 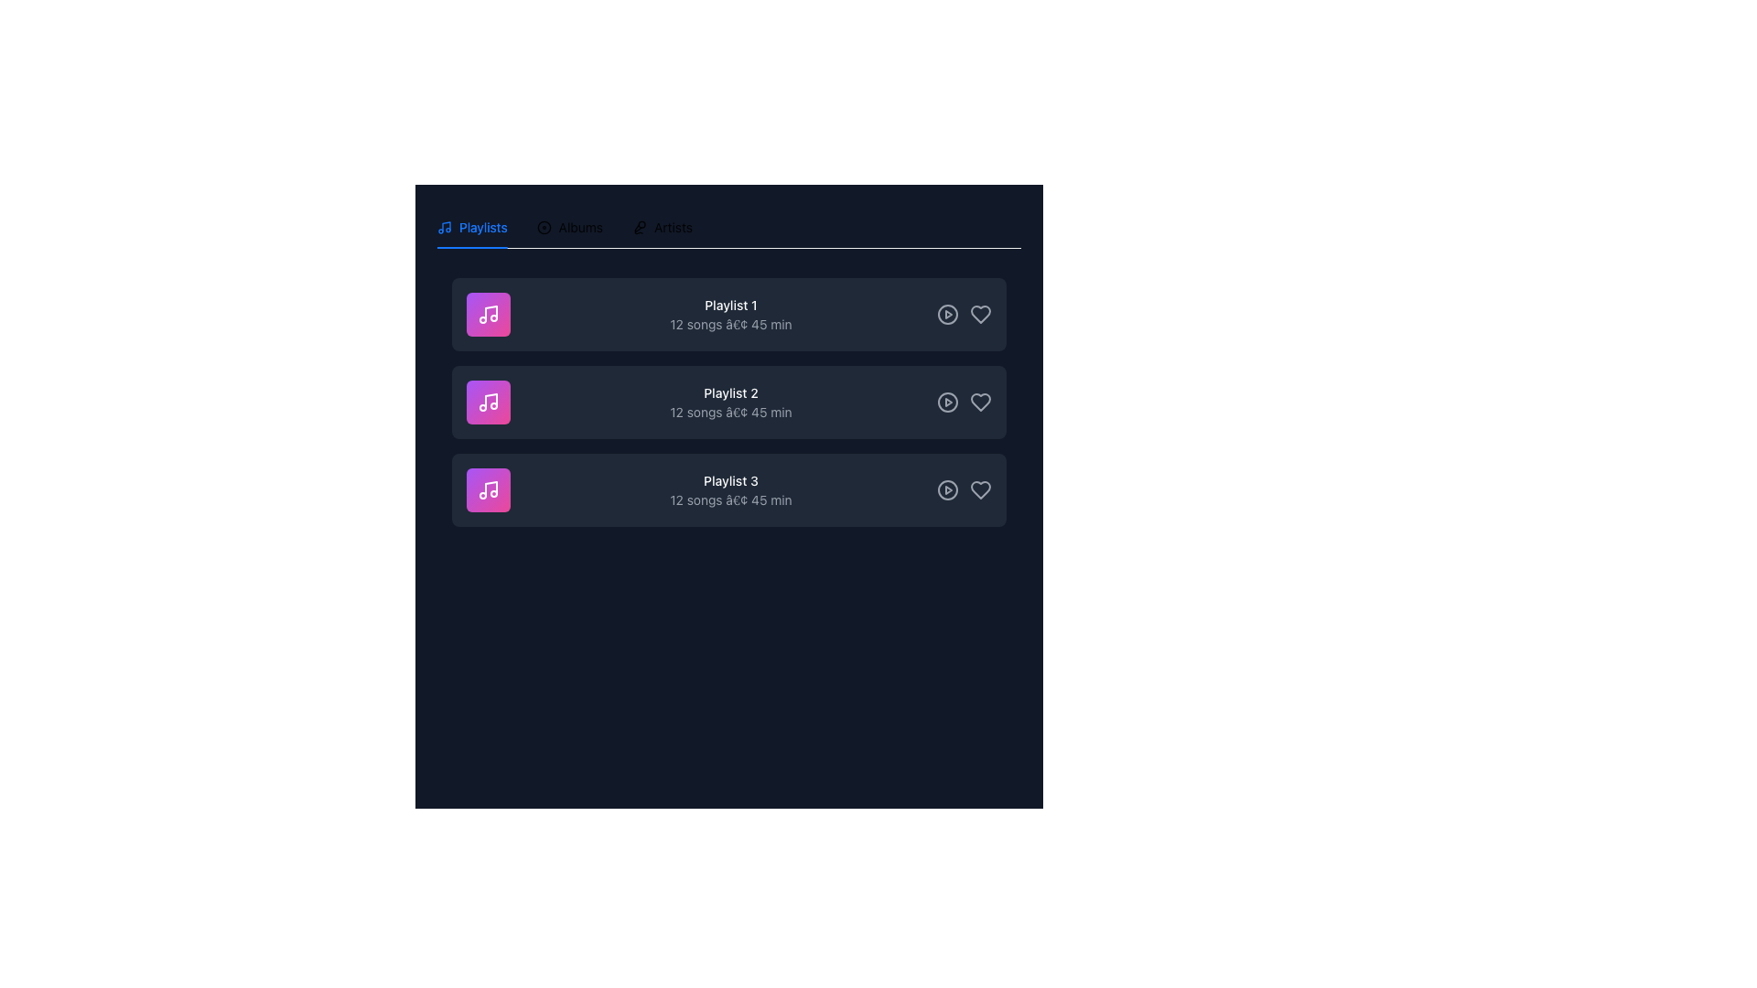 What do you see at coordinates (662, 227) in the screenshot?
I see `the third tab in the tabbed interface` at bounding box center [662, 227].